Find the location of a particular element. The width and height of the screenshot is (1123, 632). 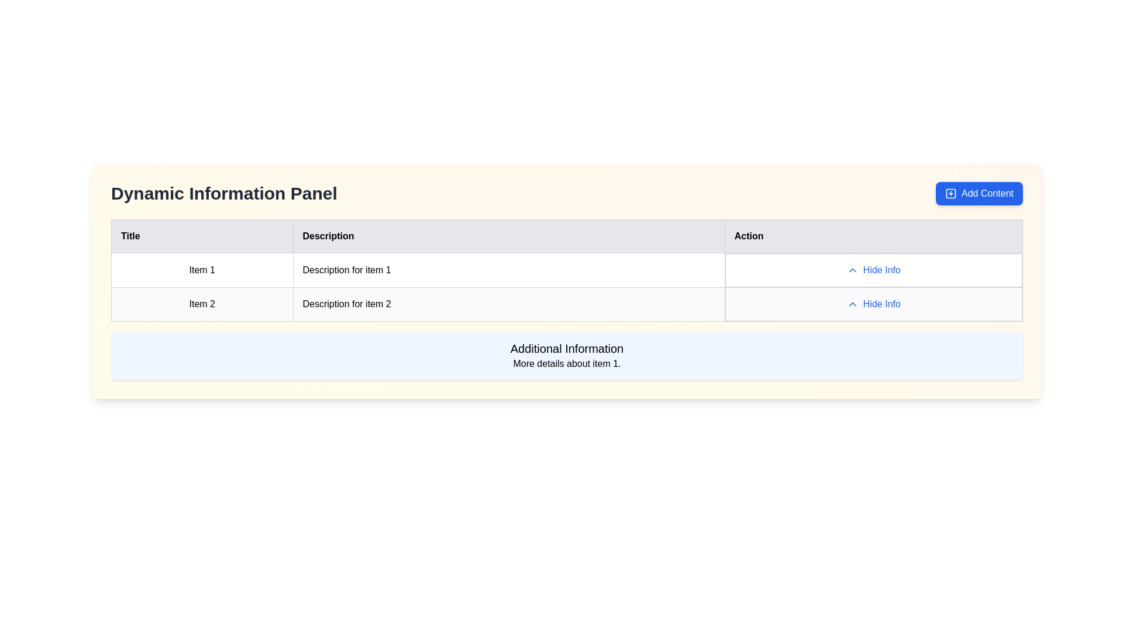

the Icon button located in the 'Action' column of the first row next to the 'Hide Info' label is located at coordinates (852, 270).